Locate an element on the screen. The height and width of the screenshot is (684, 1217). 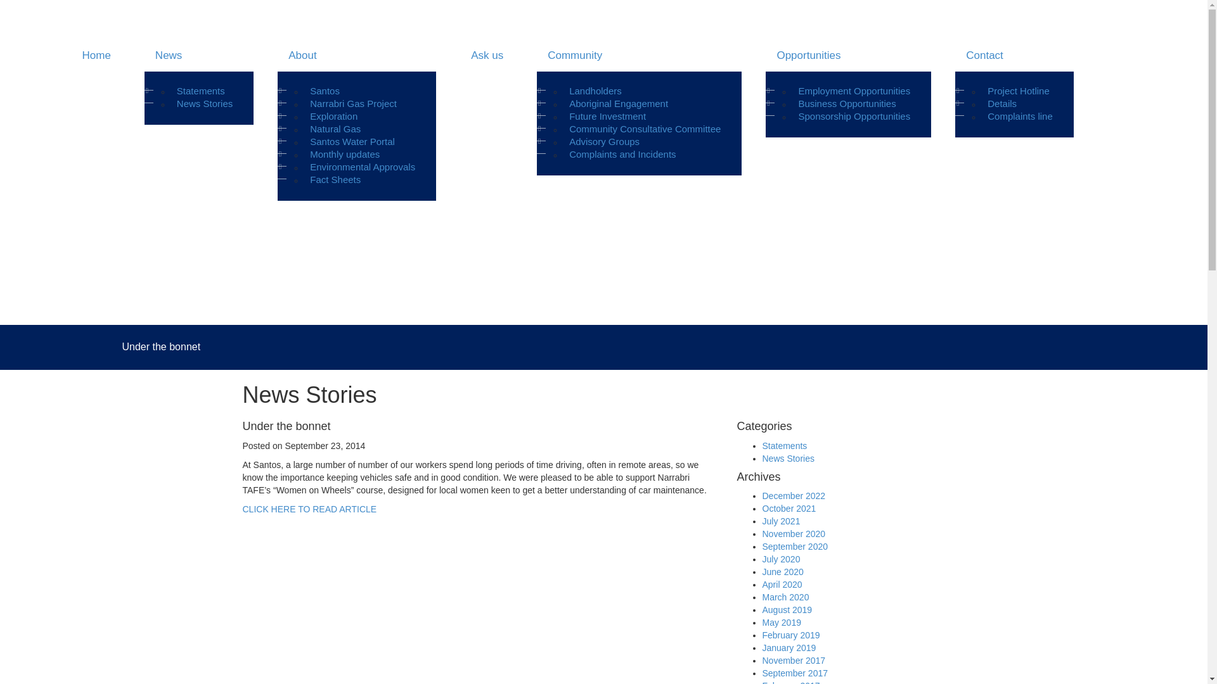
'Sponsorship Opportunities' is located at coordinates (854, 117).